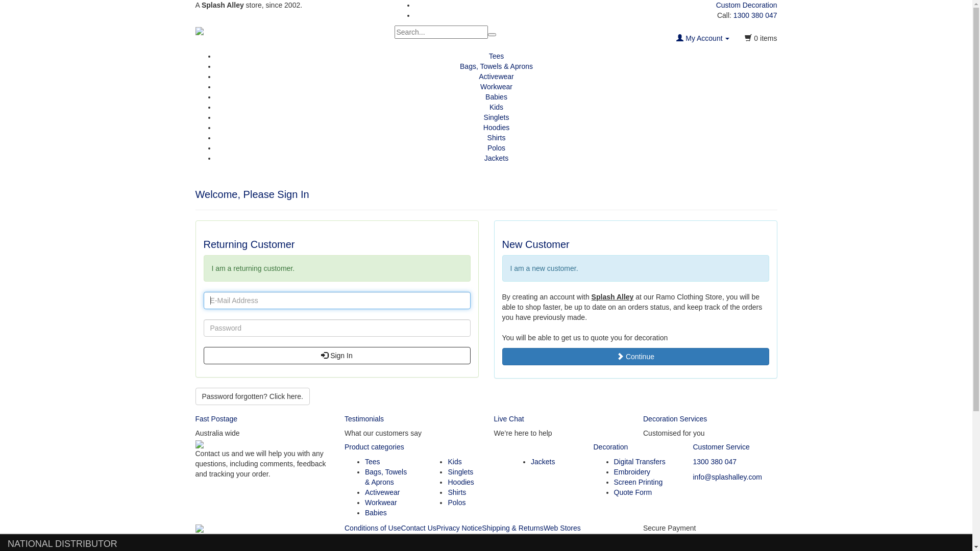  I want to click on 'Digital Transfers', so click(612, 462).